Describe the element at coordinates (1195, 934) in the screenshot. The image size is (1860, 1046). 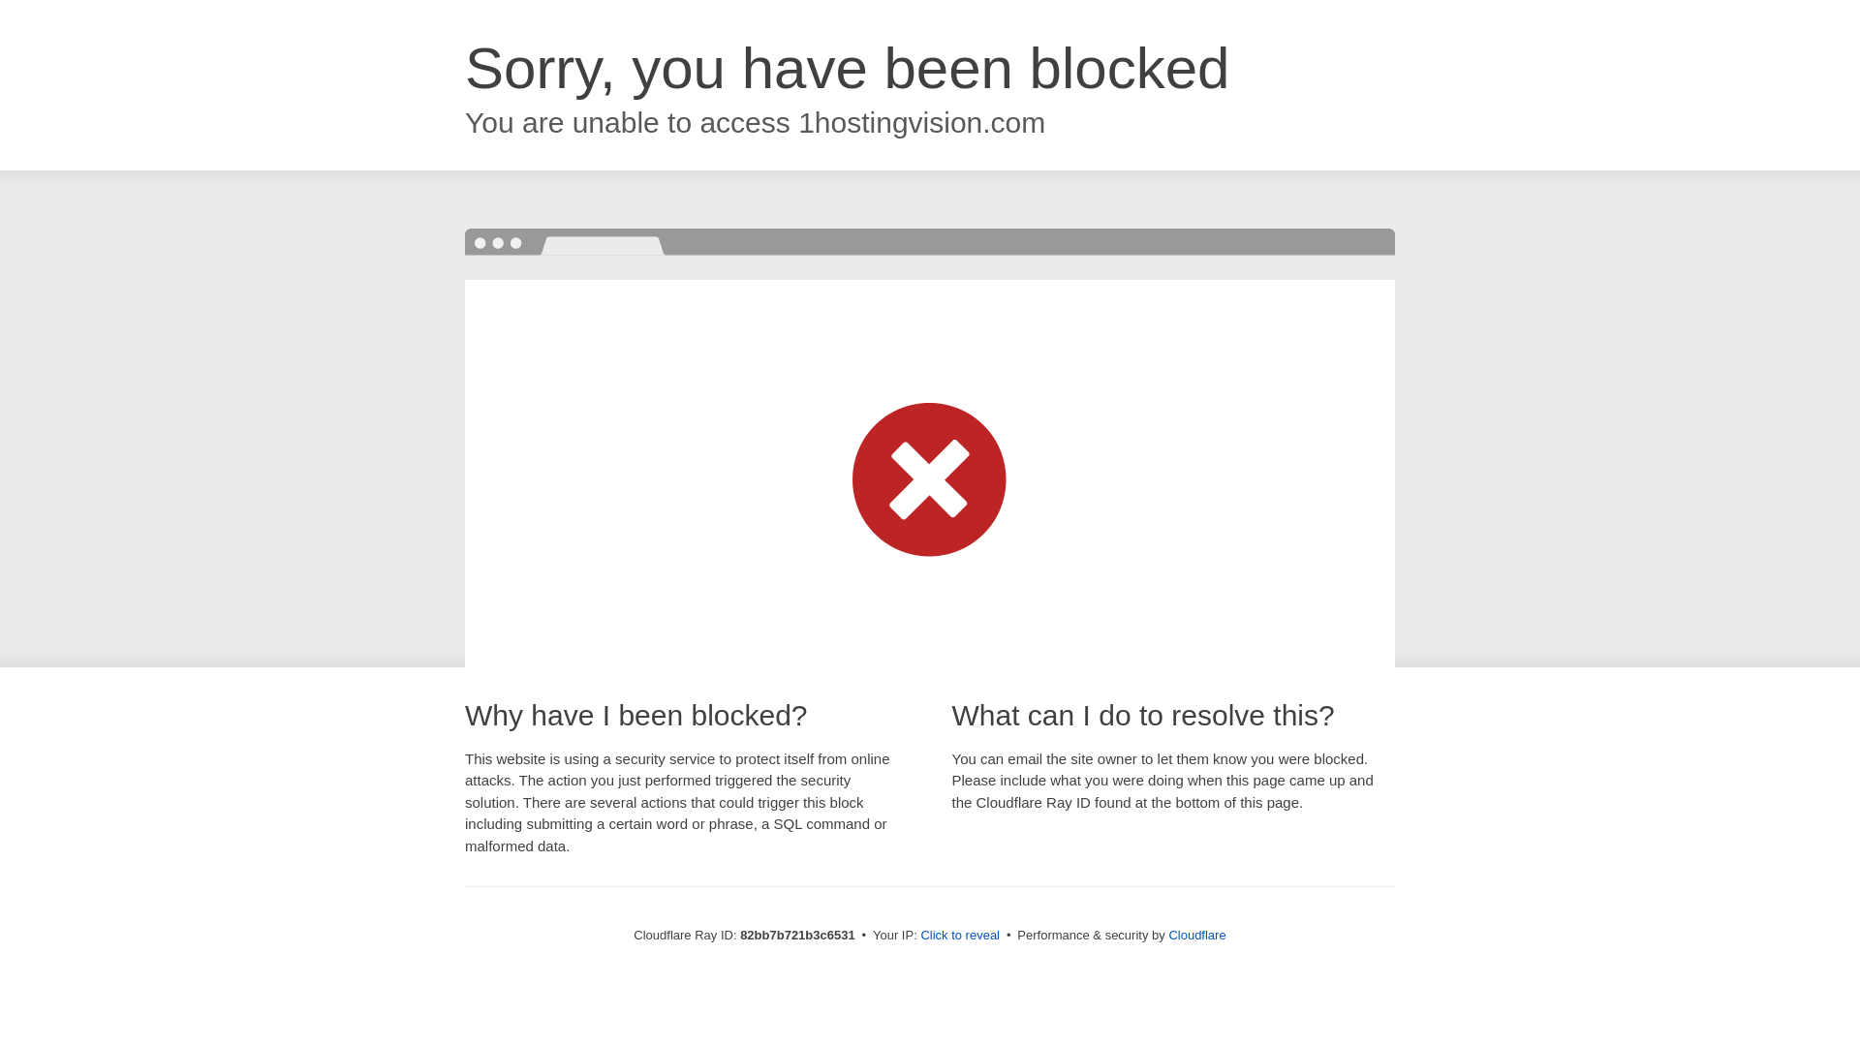
I see `'Cloudflare'` at that location.